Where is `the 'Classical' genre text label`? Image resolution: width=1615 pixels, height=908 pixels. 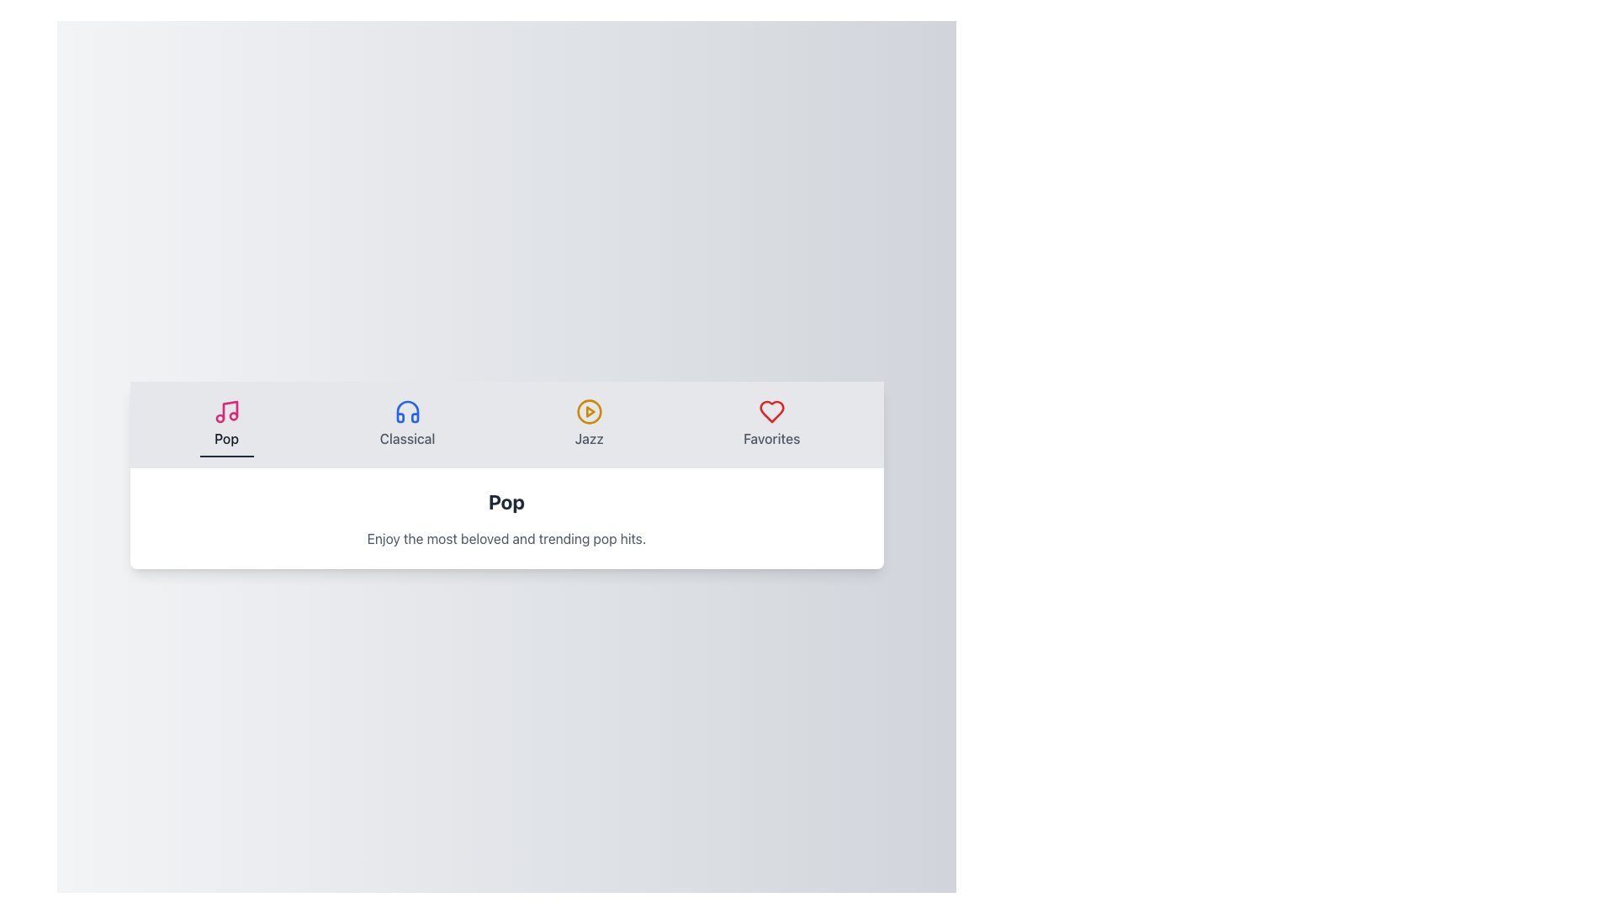
the 'Classical' genre text label is located at coordinates (407, 437).